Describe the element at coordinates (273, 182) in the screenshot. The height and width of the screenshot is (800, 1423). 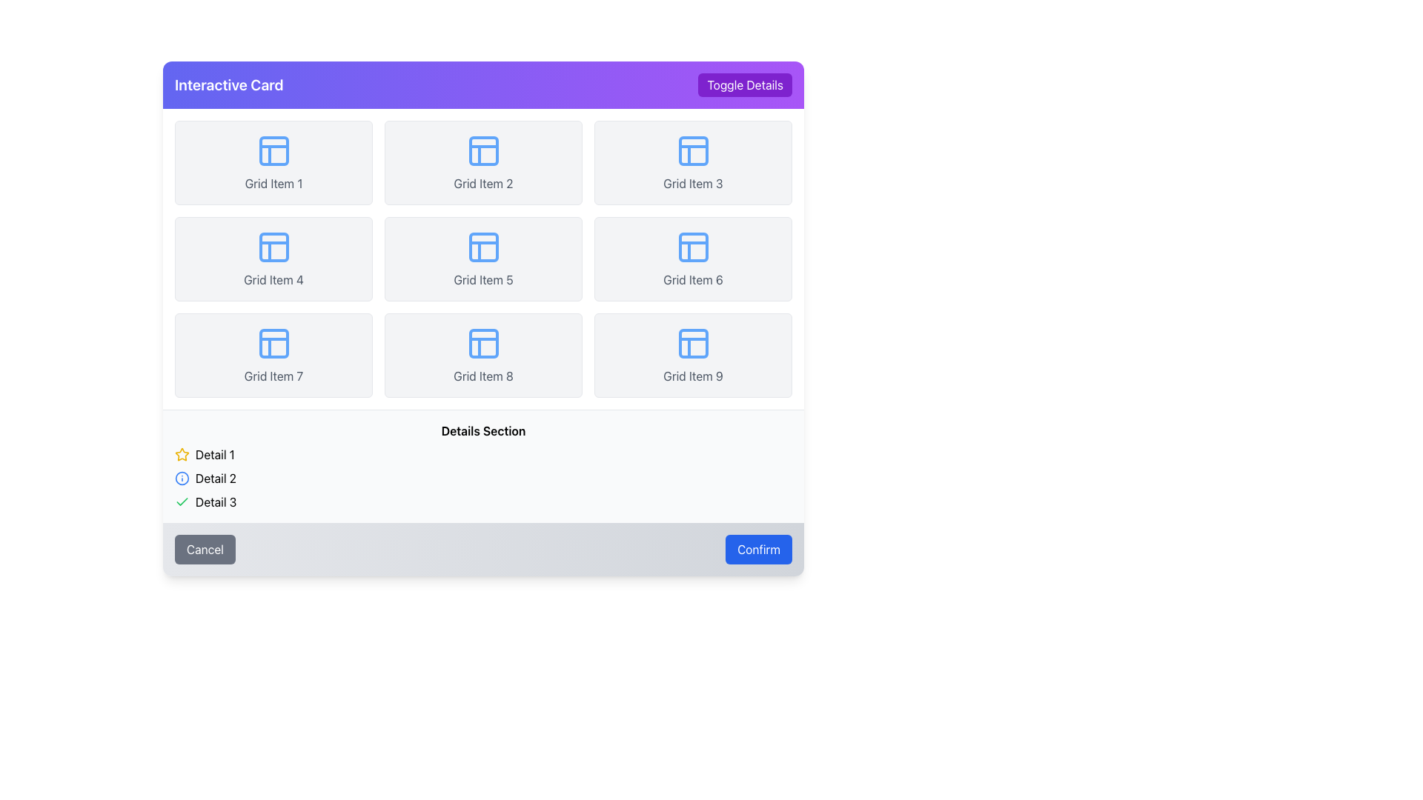
I see `text label indicating the name or identifier of the first grid item in the leftmost column of the top row in a 3x3 grid layout` at that location.